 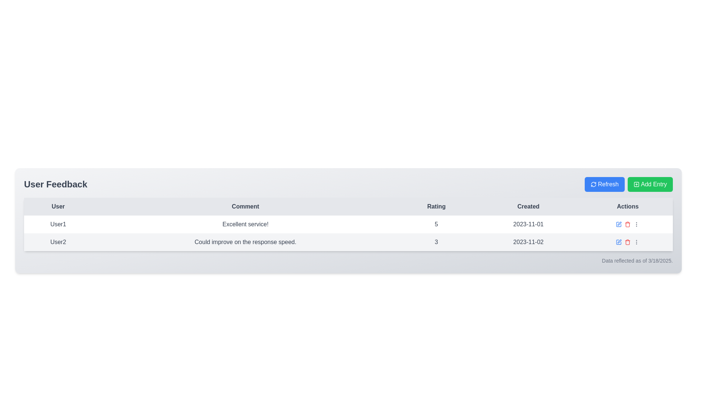 What do you see at coordinates (528, 207) in the screenshot?
I see `the column header labeled 'Creation Date' in the table, which is the fourth header positioned between 'Rating' and 'Actions'` at bounding box center [528, 207].